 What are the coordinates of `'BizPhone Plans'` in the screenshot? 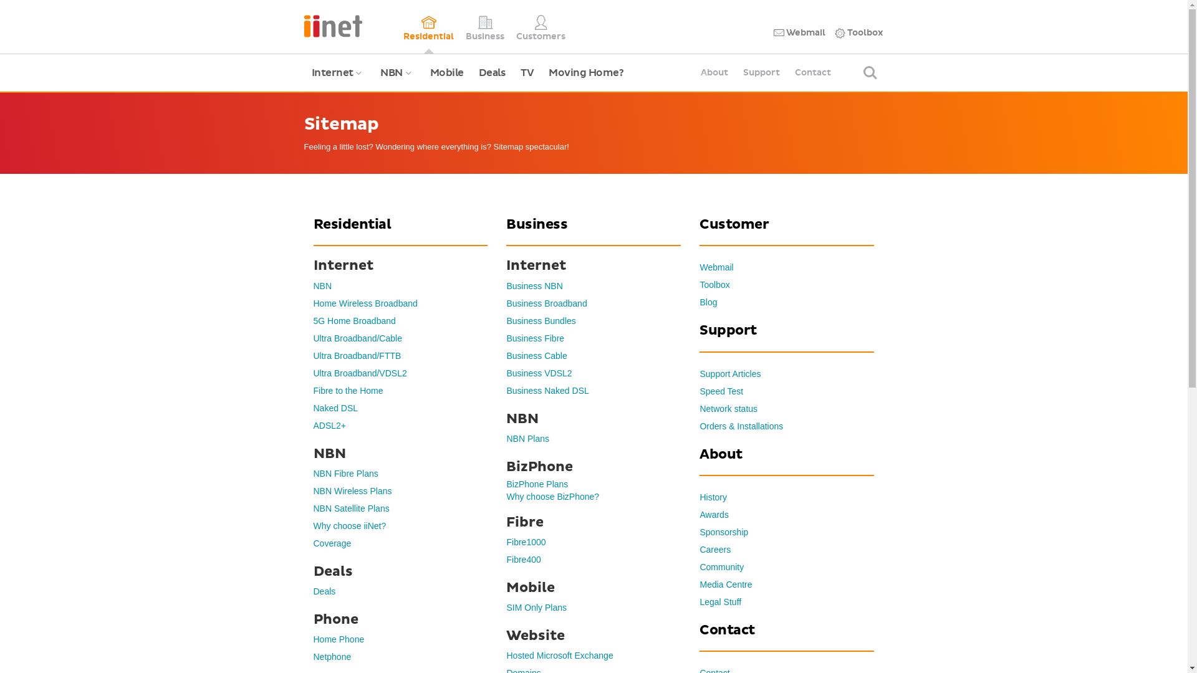 It's located at (537, 483).